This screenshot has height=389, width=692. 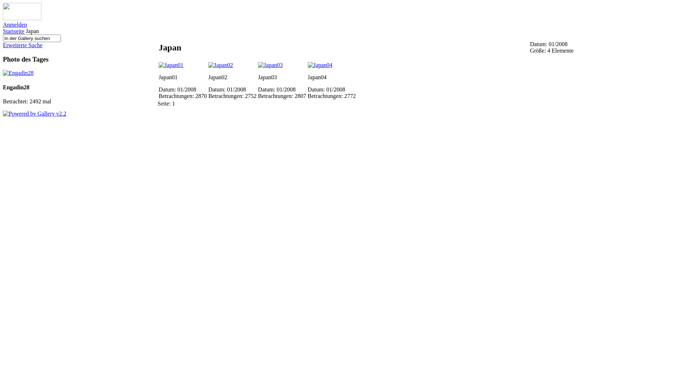 I want to click on 'Erweiterte Suche', so click(x=22, y=45).